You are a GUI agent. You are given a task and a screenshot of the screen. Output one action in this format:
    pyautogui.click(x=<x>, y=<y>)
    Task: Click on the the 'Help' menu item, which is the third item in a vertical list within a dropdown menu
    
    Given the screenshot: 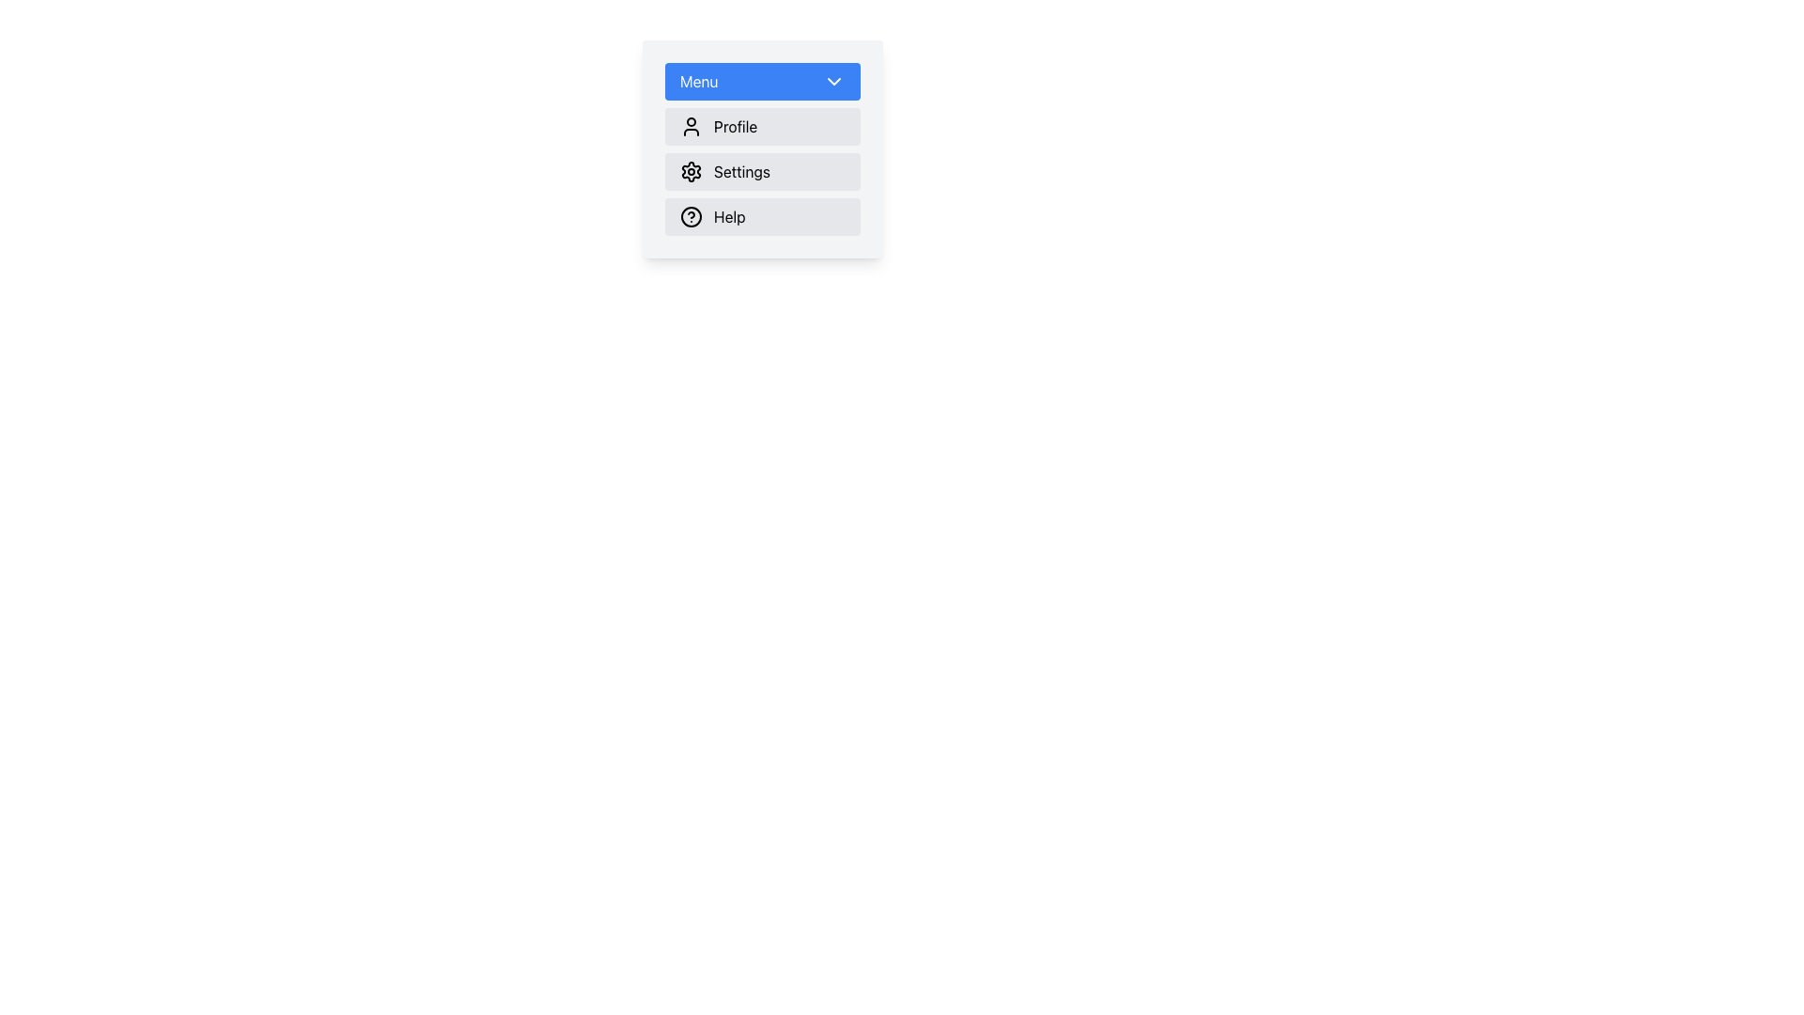 What is the action you would take?
    pyautogui.click(x=762, y=216)
    